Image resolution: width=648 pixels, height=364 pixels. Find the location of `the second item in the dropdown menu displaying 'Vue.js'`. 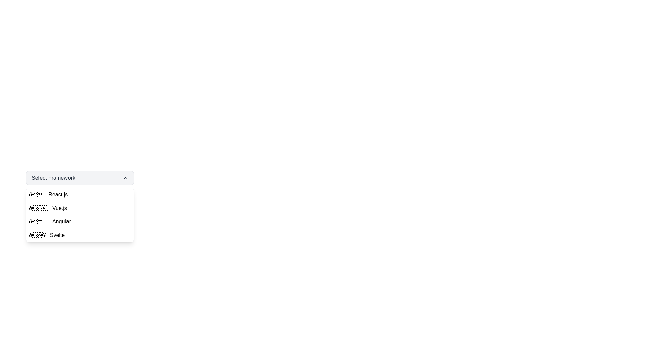

the second item in the dropdown menu displaying 'Vue.js' is located at coordinates (80, 208).